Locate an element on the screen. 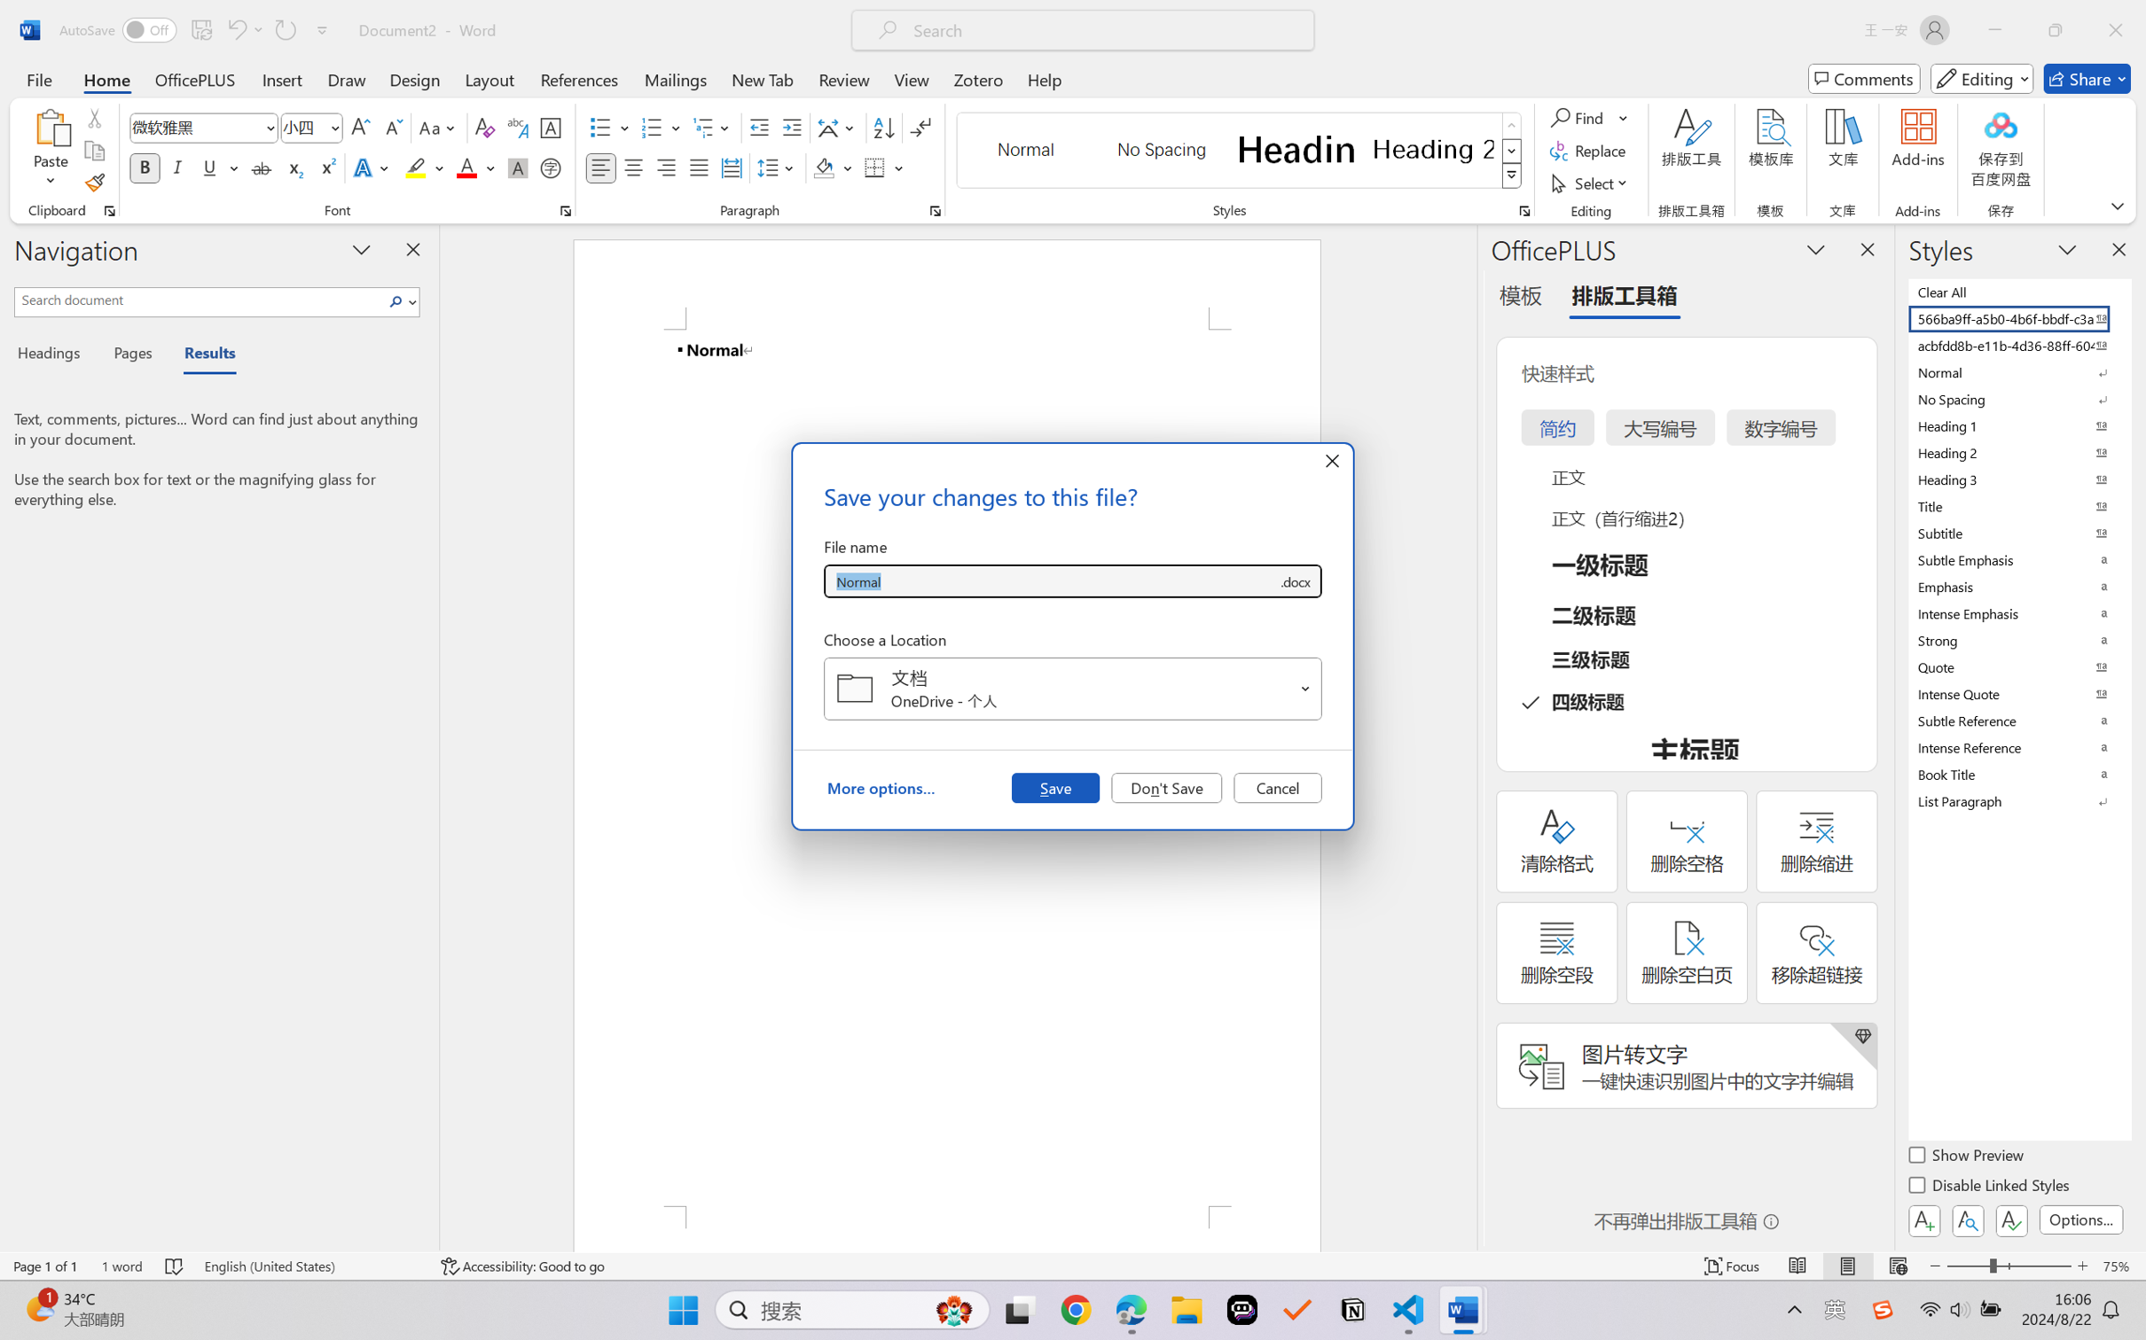  'Format Painter' is located at coordinates (93, 183).